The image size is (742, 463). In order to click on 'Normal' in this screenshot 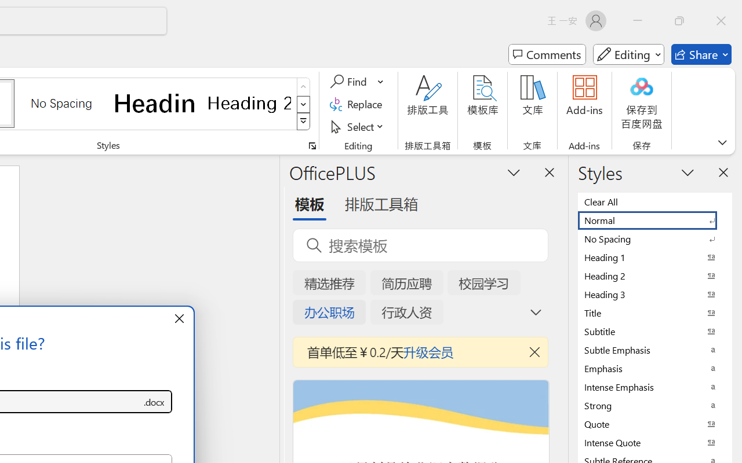, I will do `click(655, 219)`.